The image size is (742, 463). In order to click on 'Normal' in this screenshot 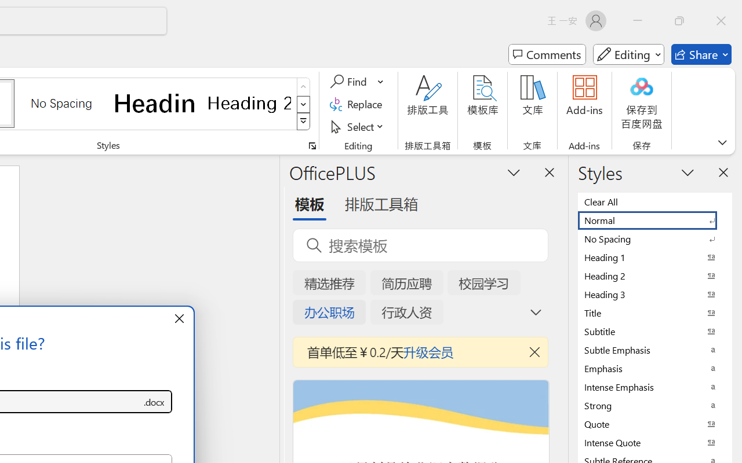, I will do `click(655, 219)`.